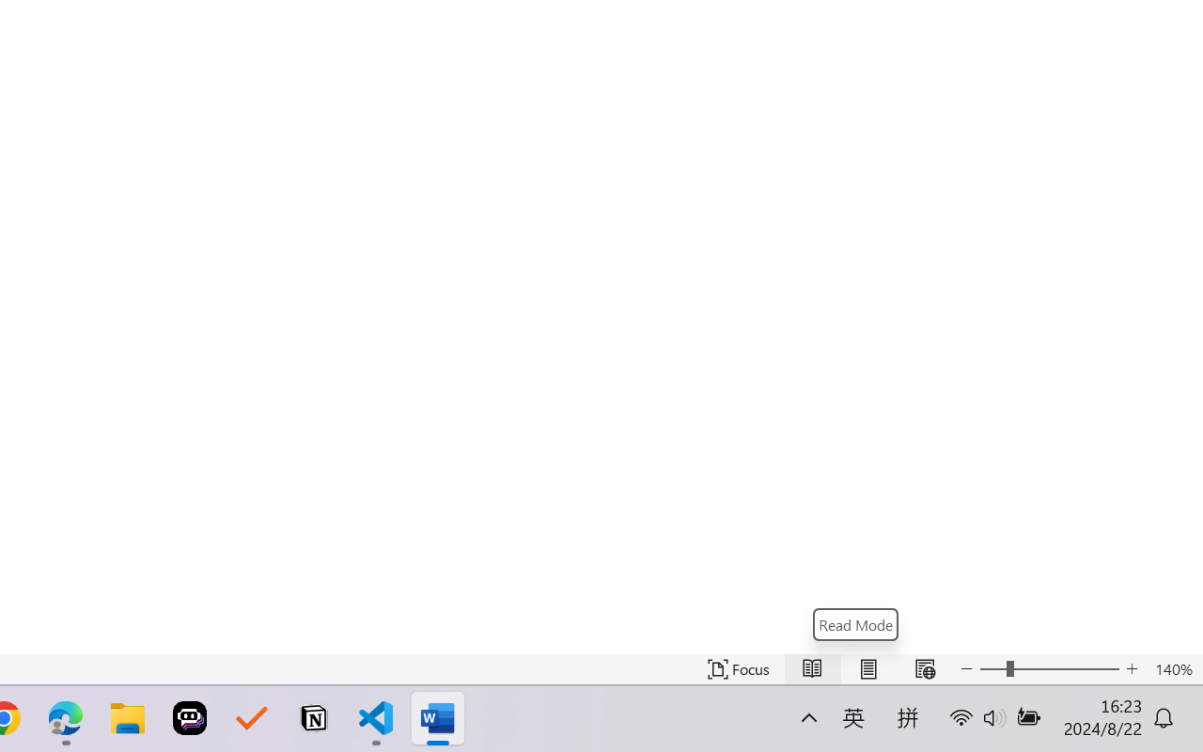 The width and height of the screenshot is (1203, 752). What do you see at coordinates (967, 668) in the screenshot?
I see `'Decrease Text Size'` at bounding box center [967, 668].